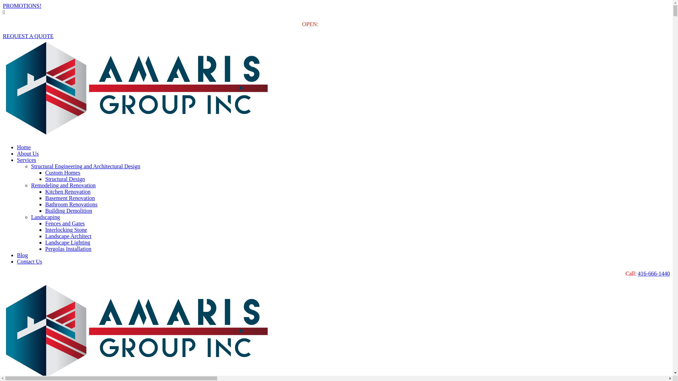 Image resolution: width=678 pixels, height=381 pixels. What do you see at coordinates (45, 223) in the screenshot?
I see `'Fences and Gates'` at bounding box center [45, 223].